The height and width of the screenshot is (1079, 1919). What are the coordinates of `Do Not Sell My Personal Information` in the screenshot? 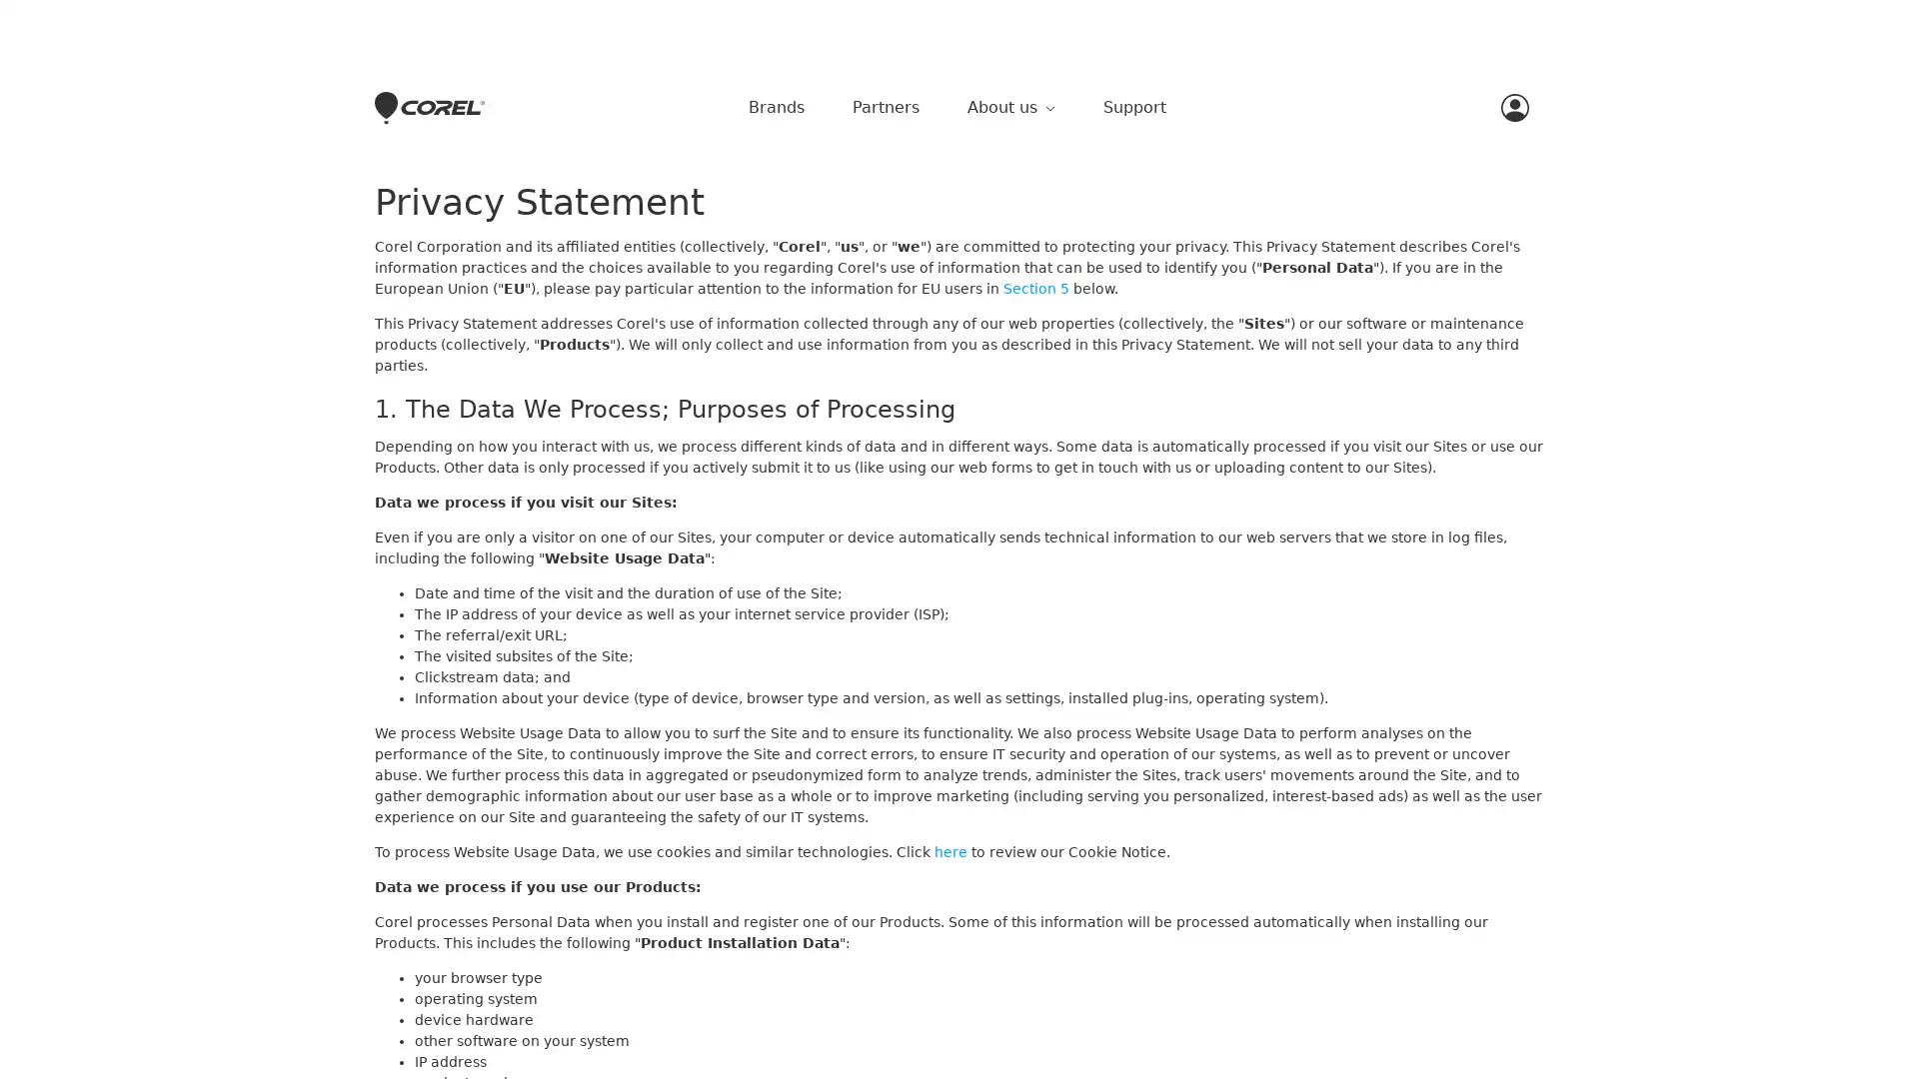 It's located at (1391, 1018).